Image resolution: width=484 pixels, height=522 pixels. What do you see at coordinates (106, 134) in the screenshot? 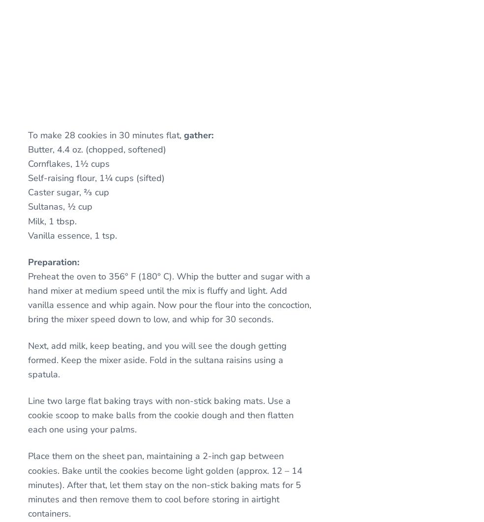
I see `'To make 28 cookies in 30 minutes flat,'` at bounding box center [106, 134].